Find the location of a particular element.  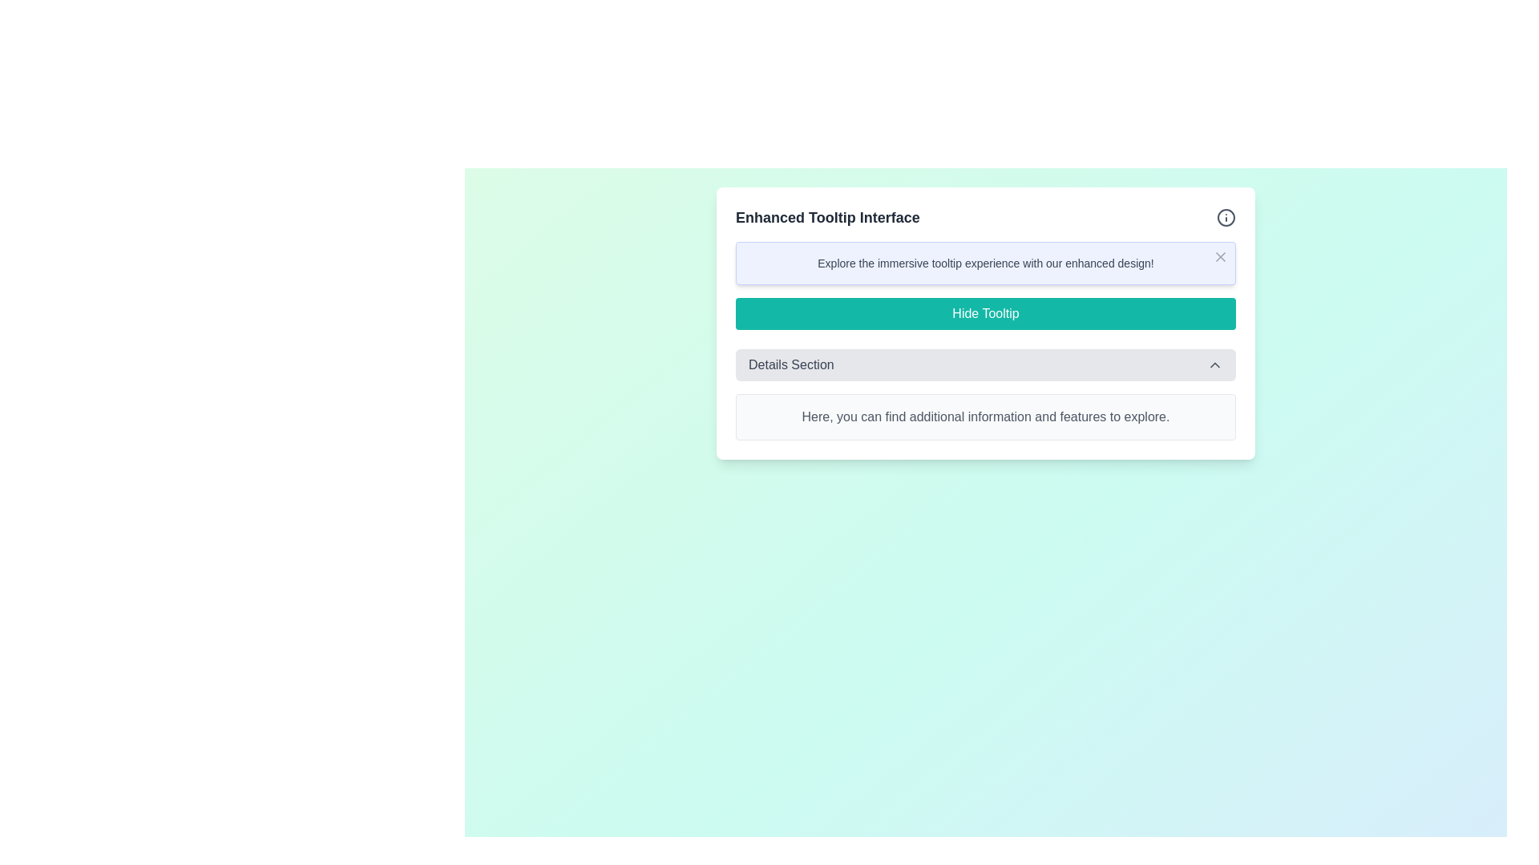

static text snippet that displays 'Here, you can find additional information and features to explore.' located in the 'Details Section' area is located at coordinates (984, 416).